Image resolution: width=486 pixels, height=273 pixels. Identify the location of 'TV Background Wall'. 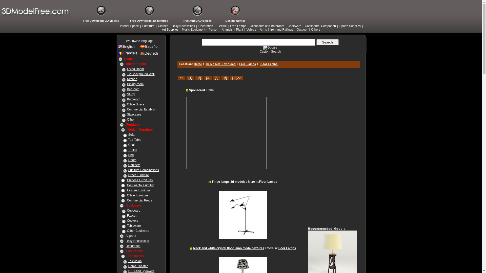
(141, 74).